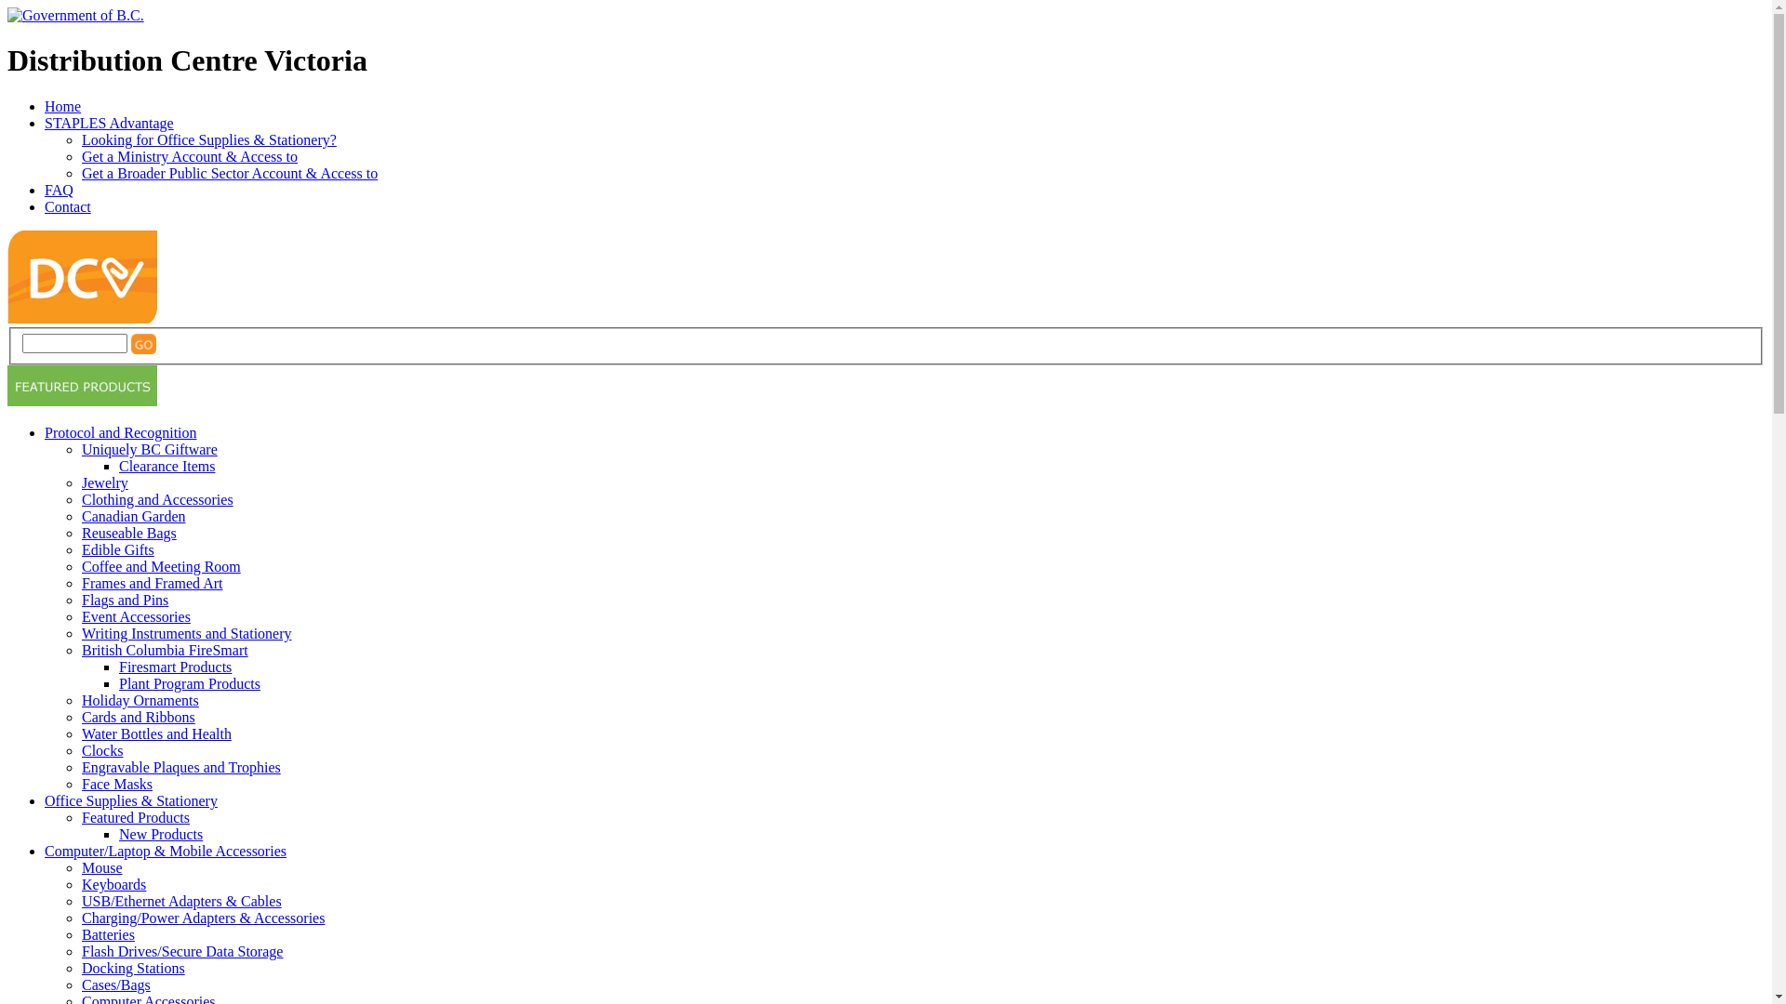 Image resolution: width=1786 pixels, height=1004 pixels. What do you see at coordinates (203, 917) in the screenshot?
I see `'Charging/Power Adapters & Accessories'` at bounding box center [203, 917].